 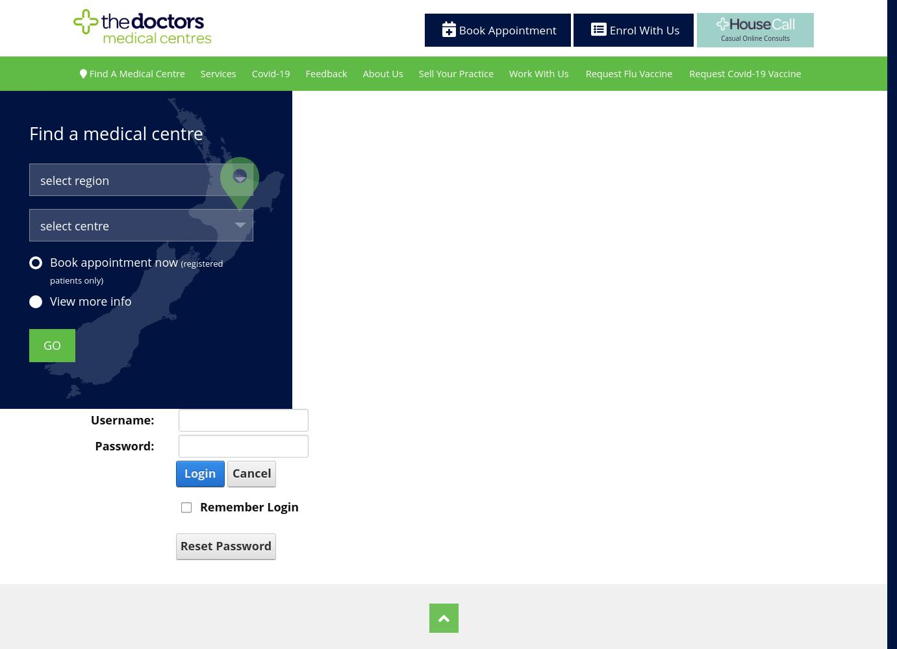 I want to click on 'Enrol With Us', so click(x=642, y=29).